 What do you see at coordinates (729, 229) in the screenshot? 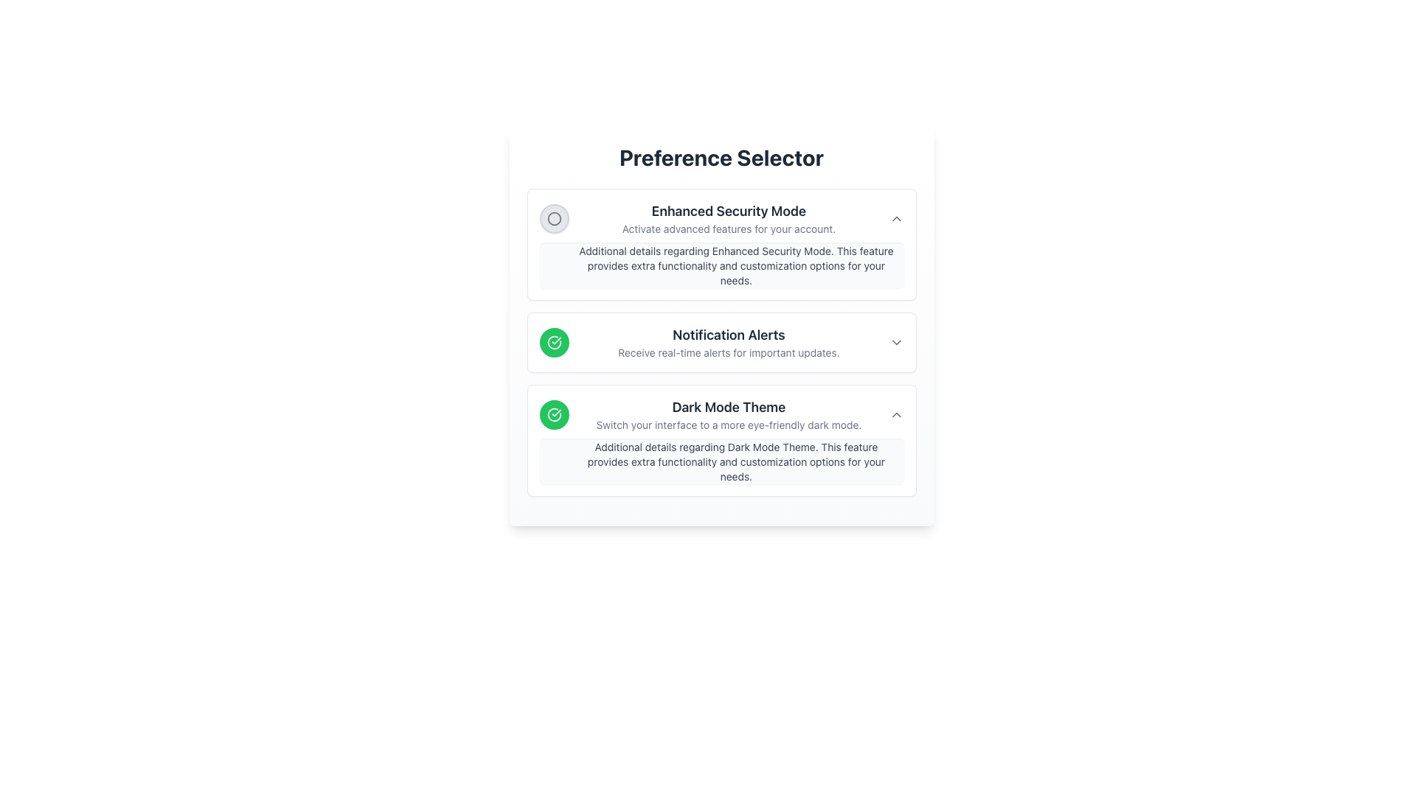
I see `the subtext element under the 'Enhanced Security Mode' heading, which provides a description of the feature` at bounding box center [729, 229].